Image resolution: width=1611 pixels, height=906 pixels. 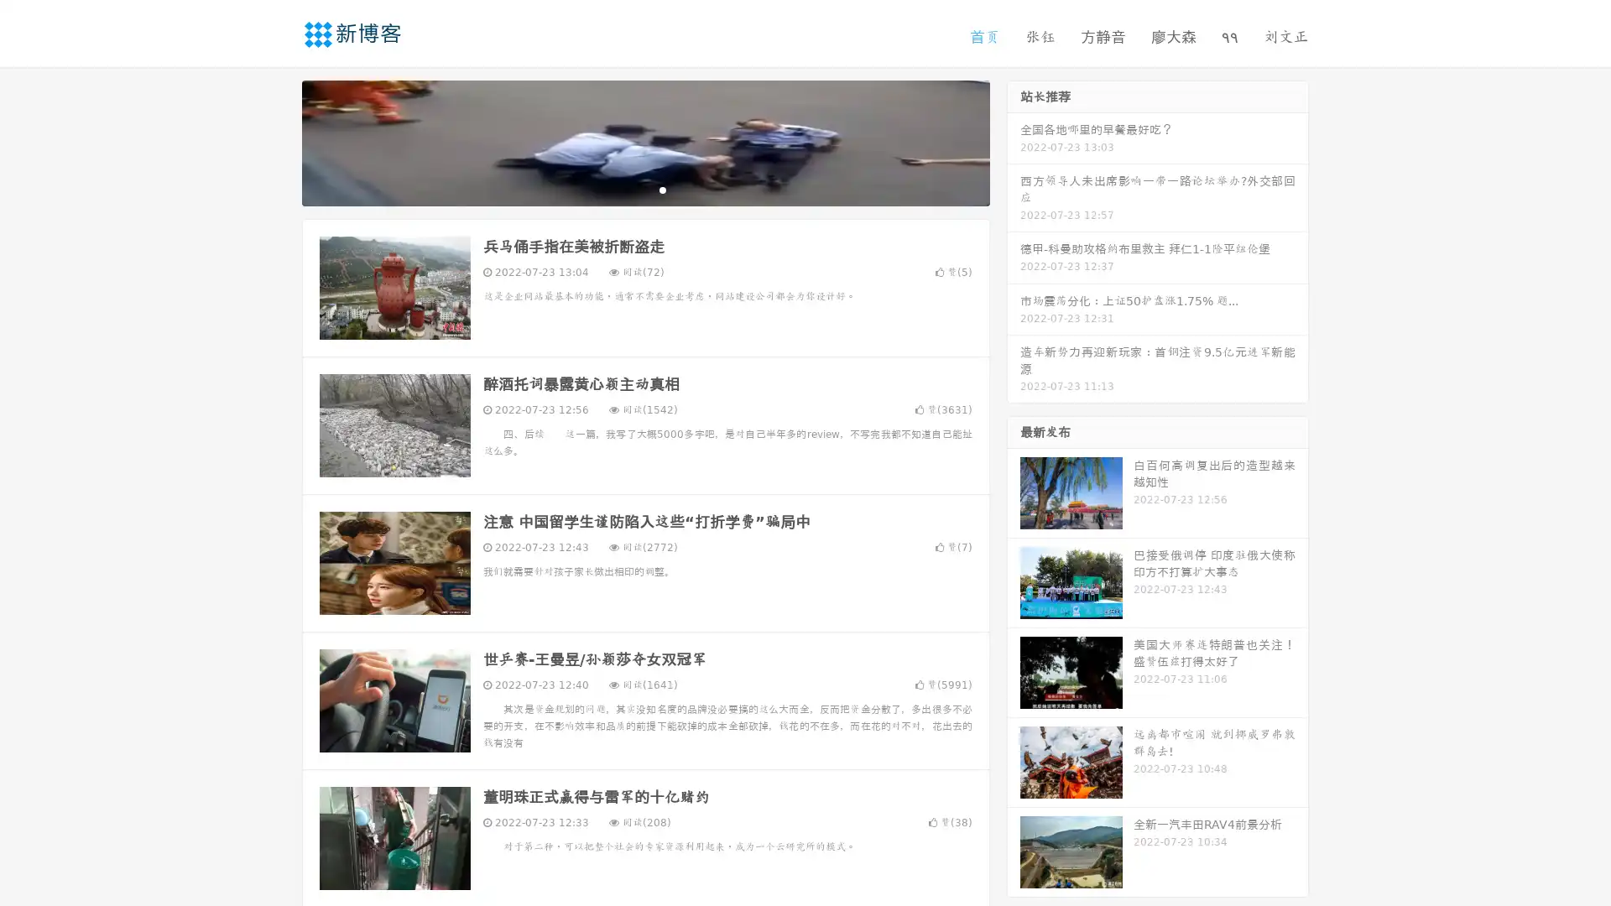 I want to click on Go to slide 2, so click(x=644, y=189).